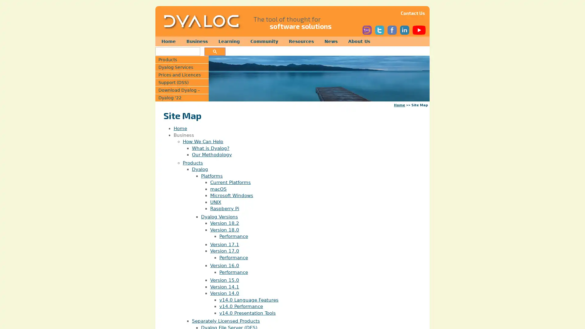 The image size is (585, 329). What do you see at coordinates (215, 51) in the screenshot?
I see `search` at bounding box center [215, 51].